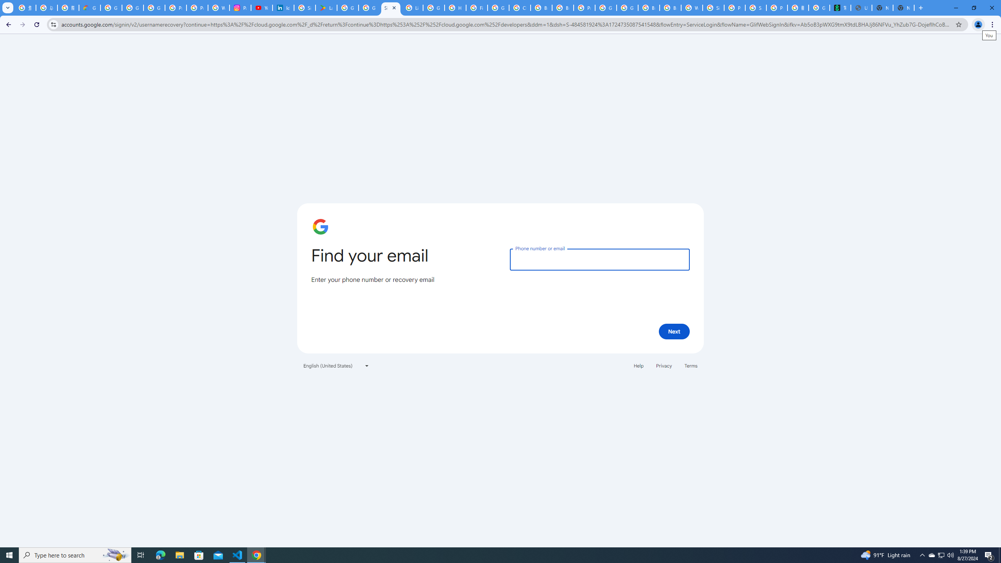  What do you see at coordinates (197, 7) in the screenshot?
I see `'Privacy Help Center - Policies Help'` at bounding box center [197, 7].